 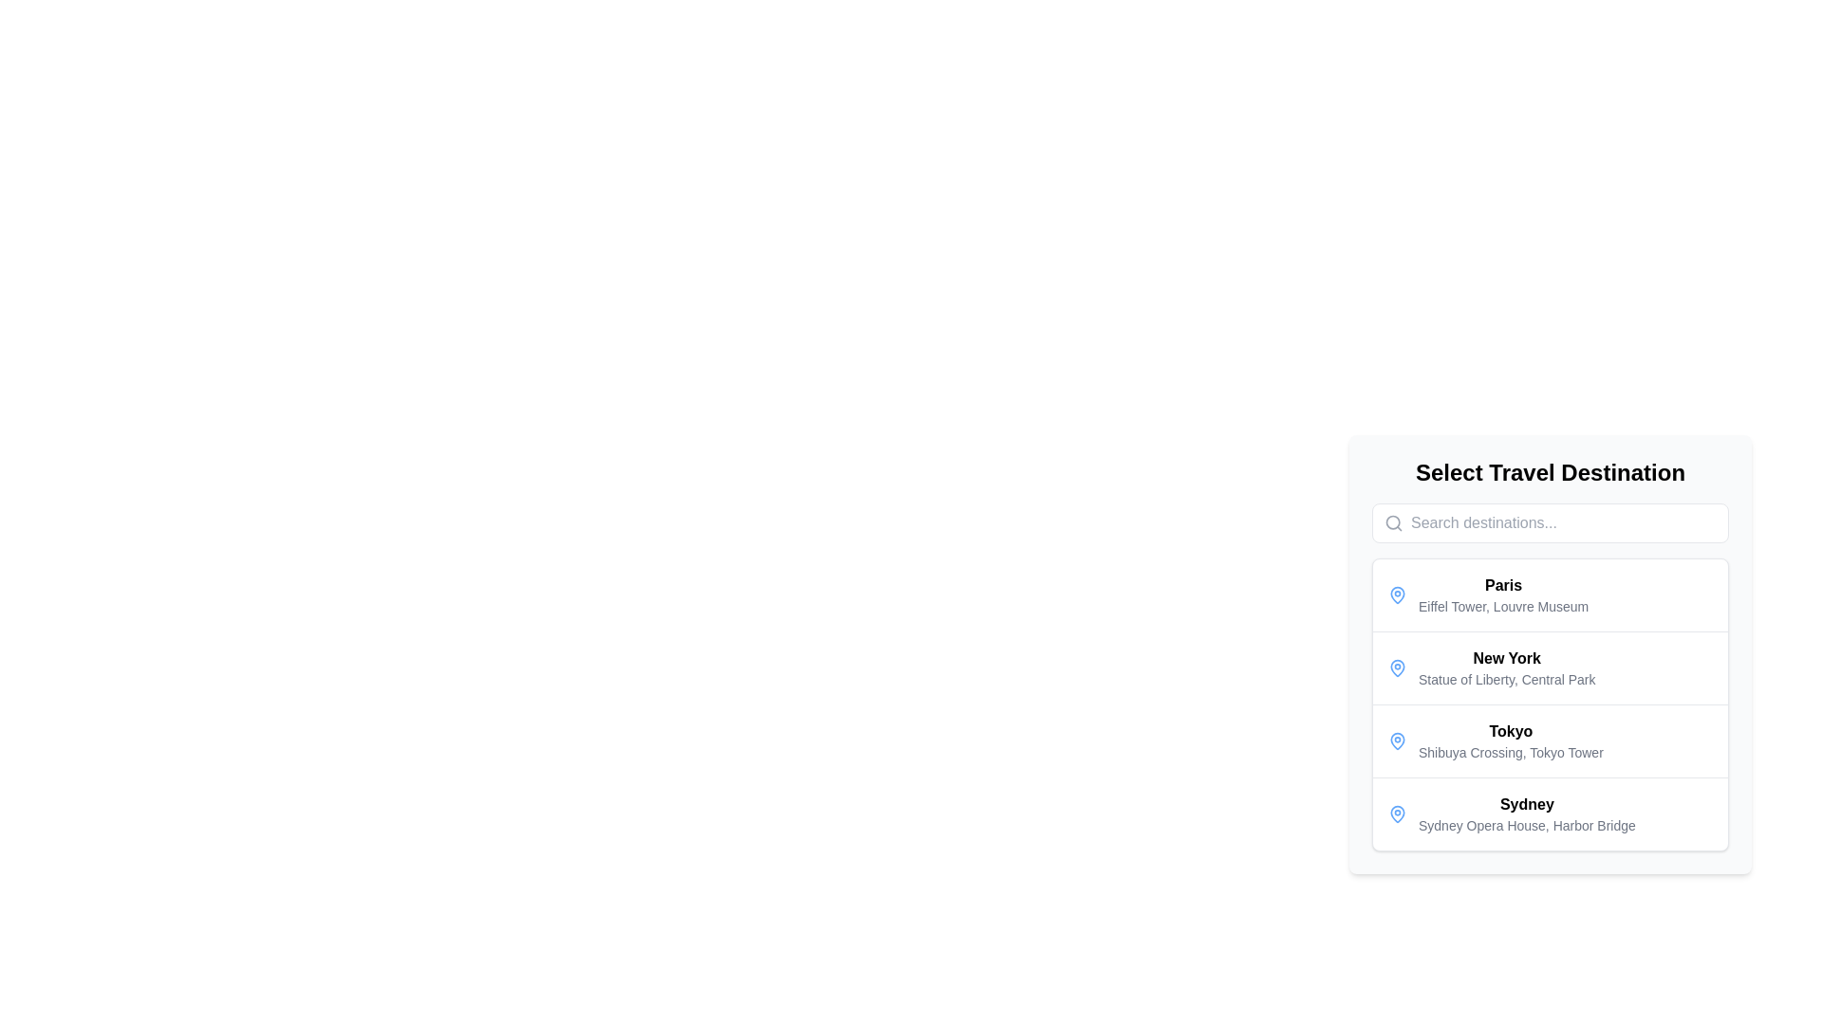 I want to click on the circular part of the magnifying glass icon, which represents a search-related functionality in the SVG illustration, so click(x=1393, y=522).